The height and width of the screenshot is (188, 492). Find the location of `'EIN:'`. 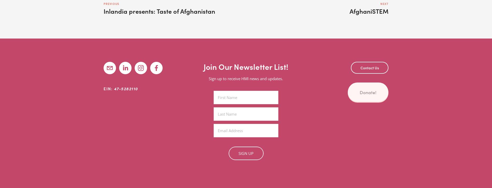

'EIN:' is located at coordinates (108, 88).